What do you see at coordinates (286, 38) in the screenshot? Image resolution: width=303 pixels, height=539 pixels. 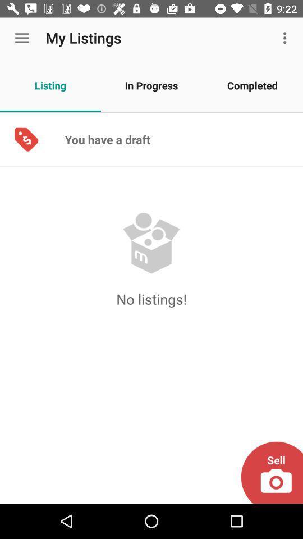 I see `more icon` at bounding box center [286, 38].